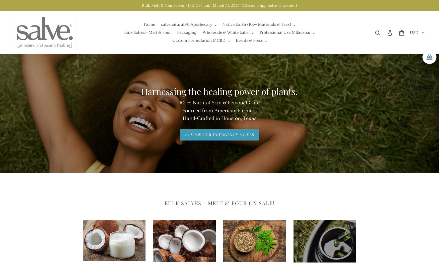 The image size is (439, 266). What do you see at coordinates (219, 110) in the screenshot?
I see `'Sourced from American Farmers'` at bounding box center [219, 110].